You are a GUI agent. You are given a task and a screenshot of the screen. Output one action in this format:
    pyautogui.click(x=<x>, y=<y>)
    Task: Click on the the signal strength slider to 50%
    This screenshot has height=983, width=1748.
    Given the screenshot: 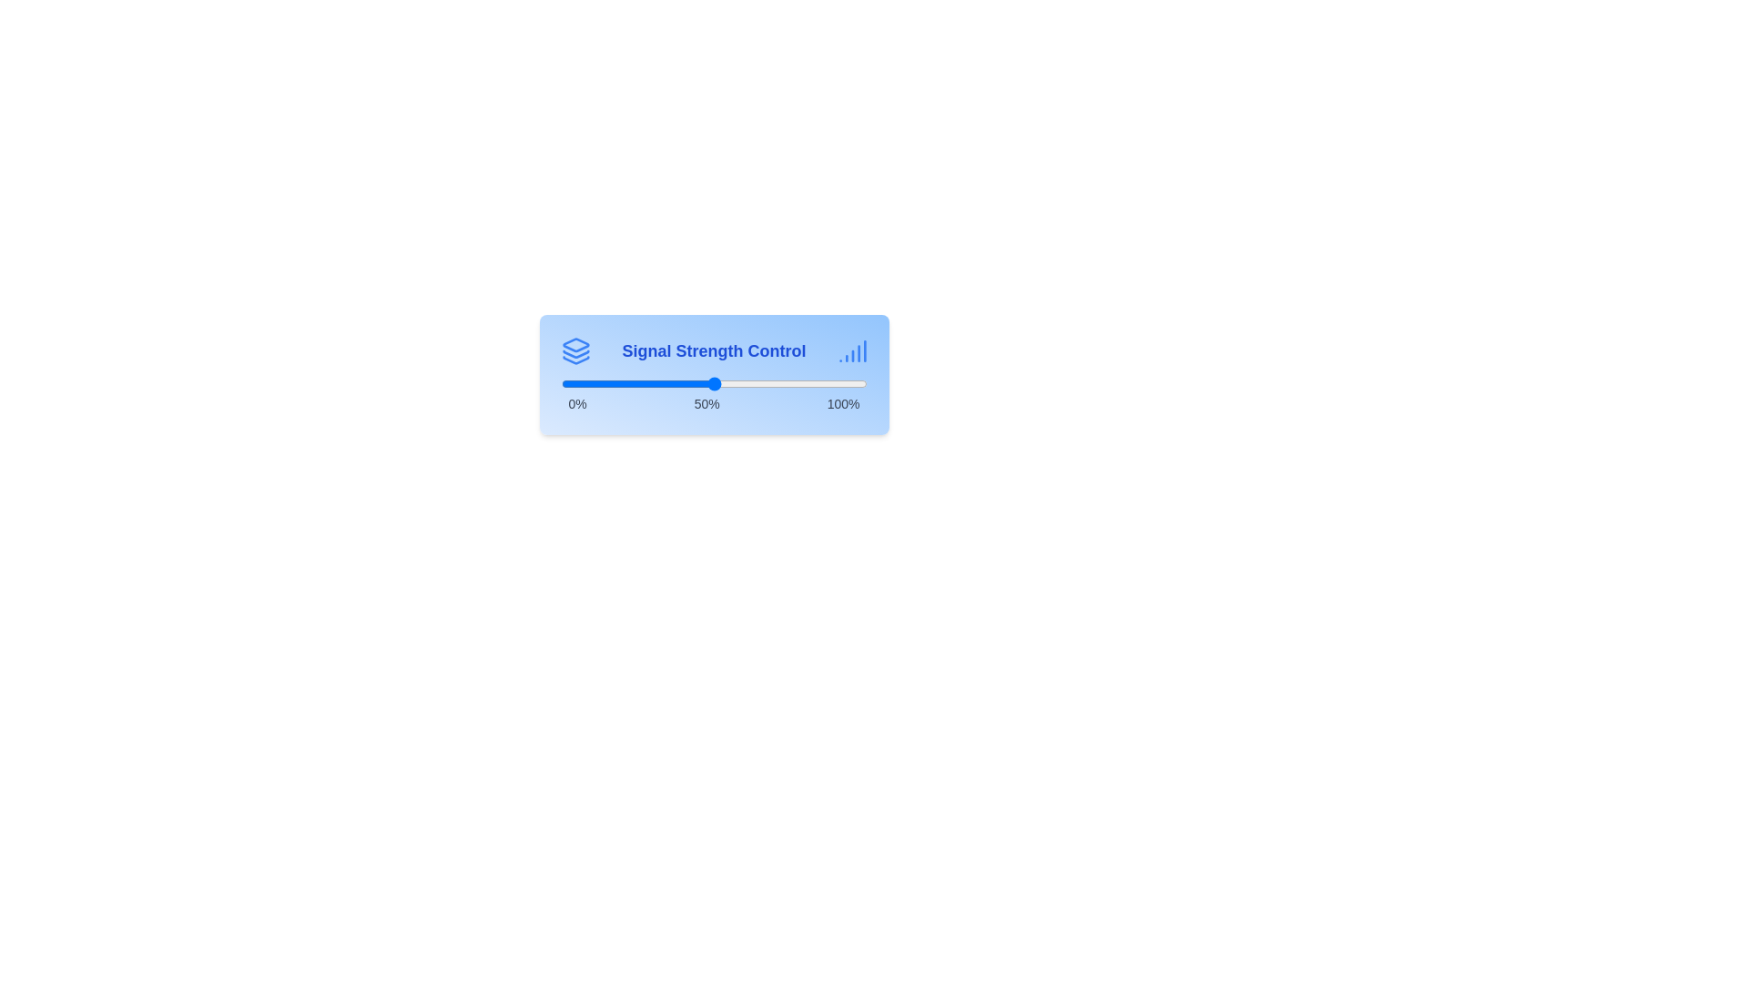 What is the action you would take?
    pyautogui.click(x=713, y=382)
    